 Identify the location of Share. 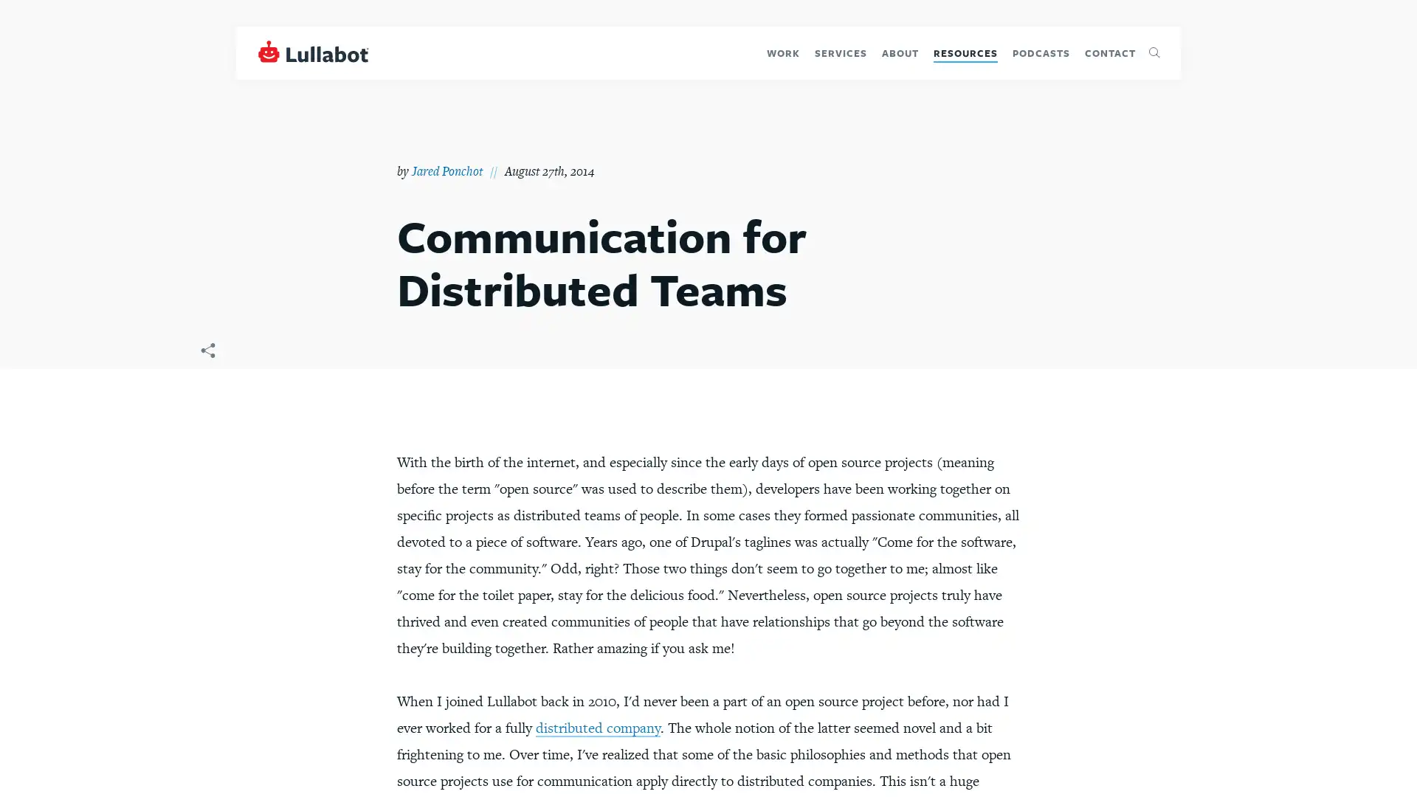
(207, 356).